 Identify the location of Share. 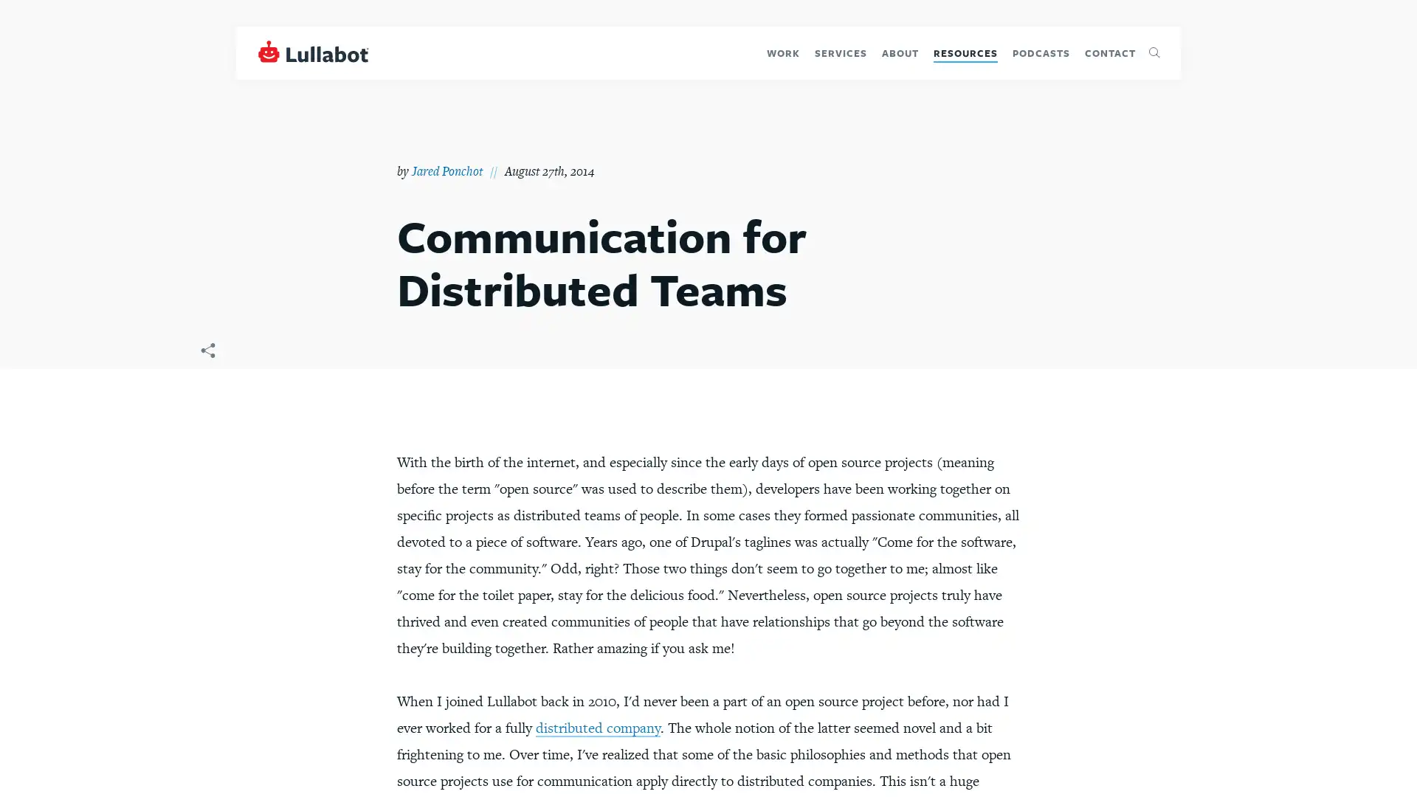
(207, 356).